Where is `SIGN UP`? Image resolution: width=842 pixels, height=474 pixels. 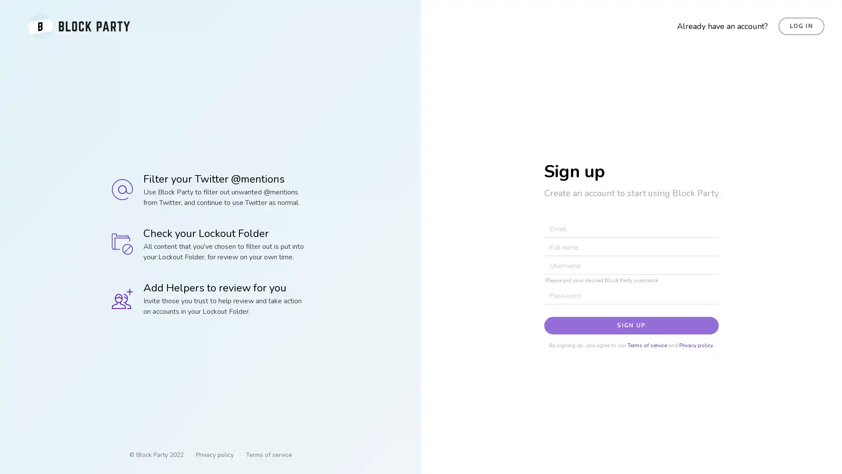
SIGN UP is located at coordinates (631, 325).